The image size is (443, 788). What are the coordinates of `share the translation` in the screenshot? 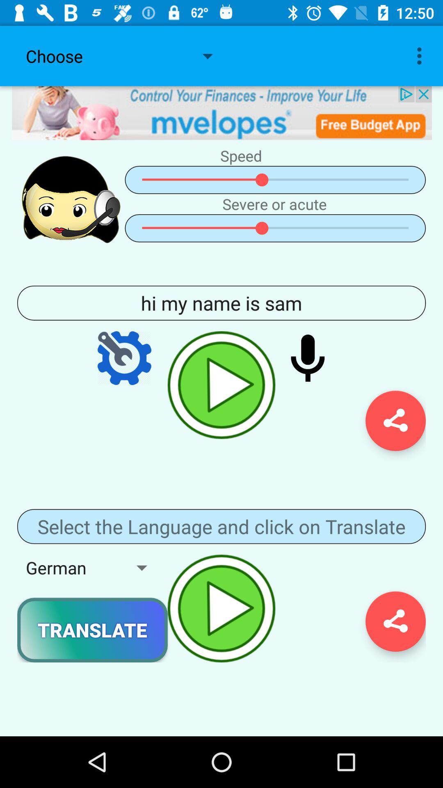 It's located at (395, 621).